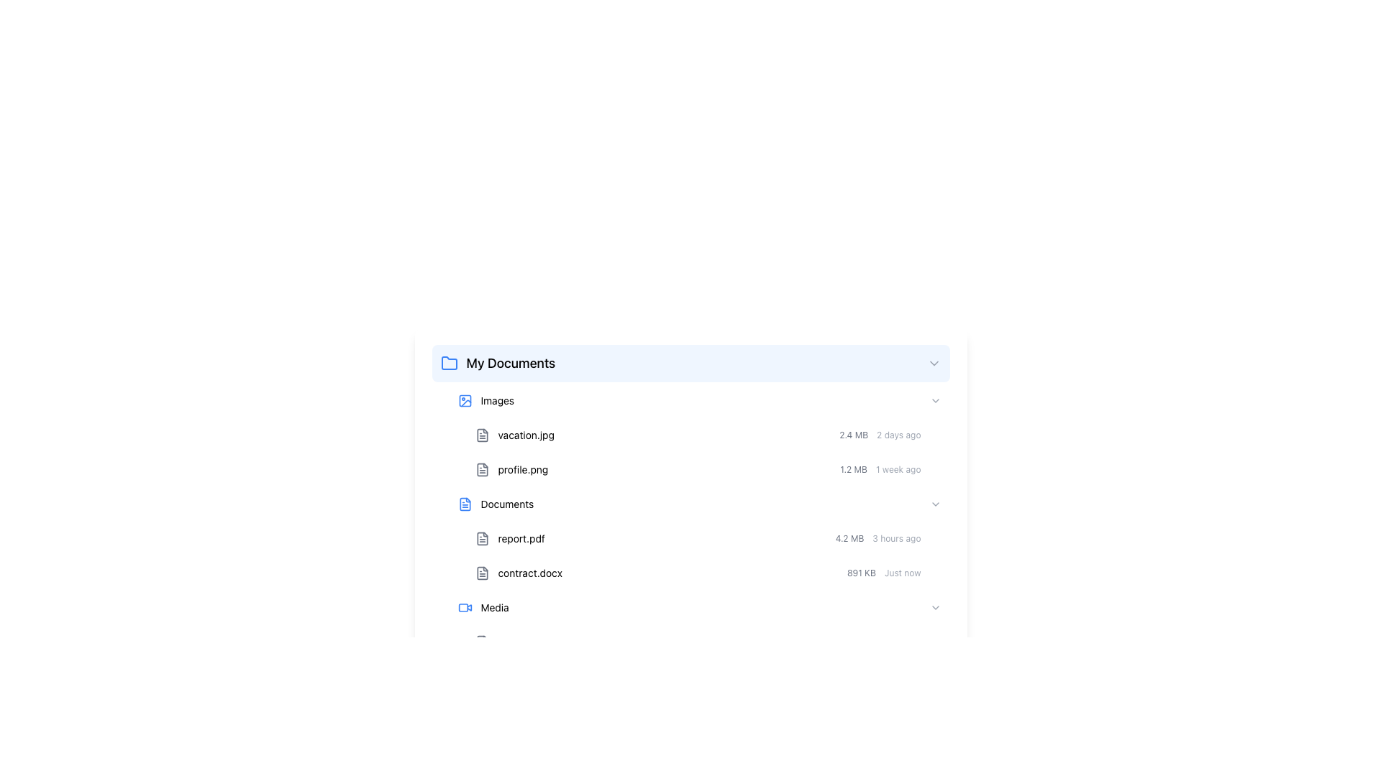 This screenshot has width=1381, height=776. I want to click on the file entry labeled 'vacation.jpg' with a document icon from the 'Images' folder in 'My Documents', so click(514, 434).